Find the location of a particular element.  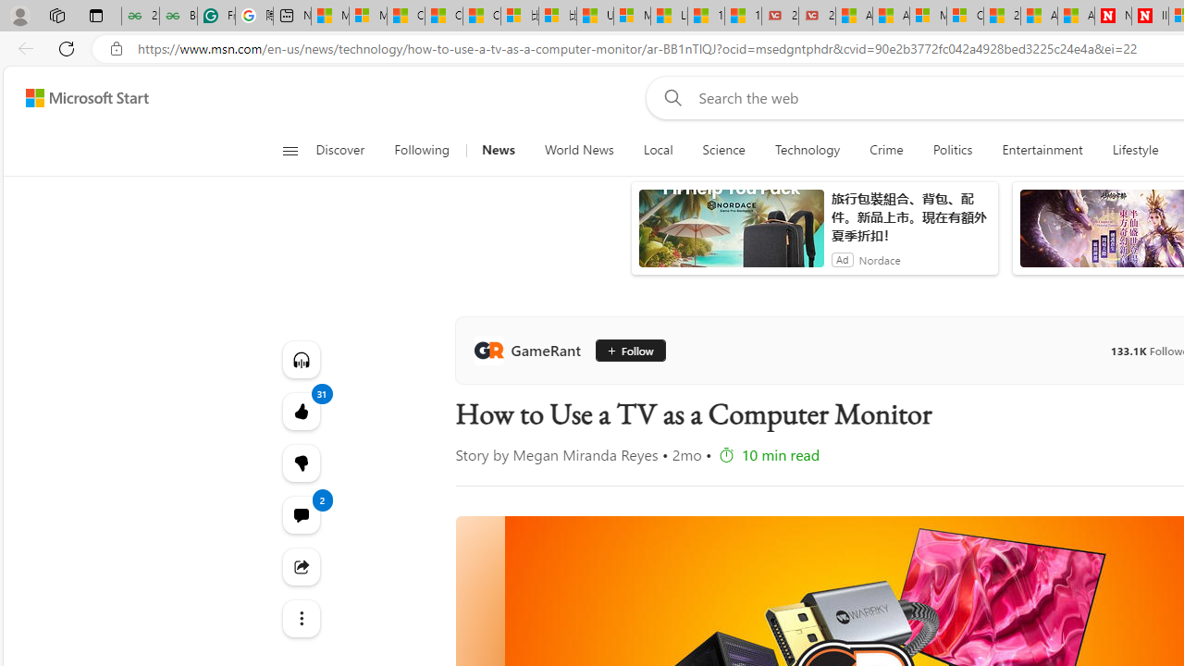

'Follow' is located at coordinates (629, 351).